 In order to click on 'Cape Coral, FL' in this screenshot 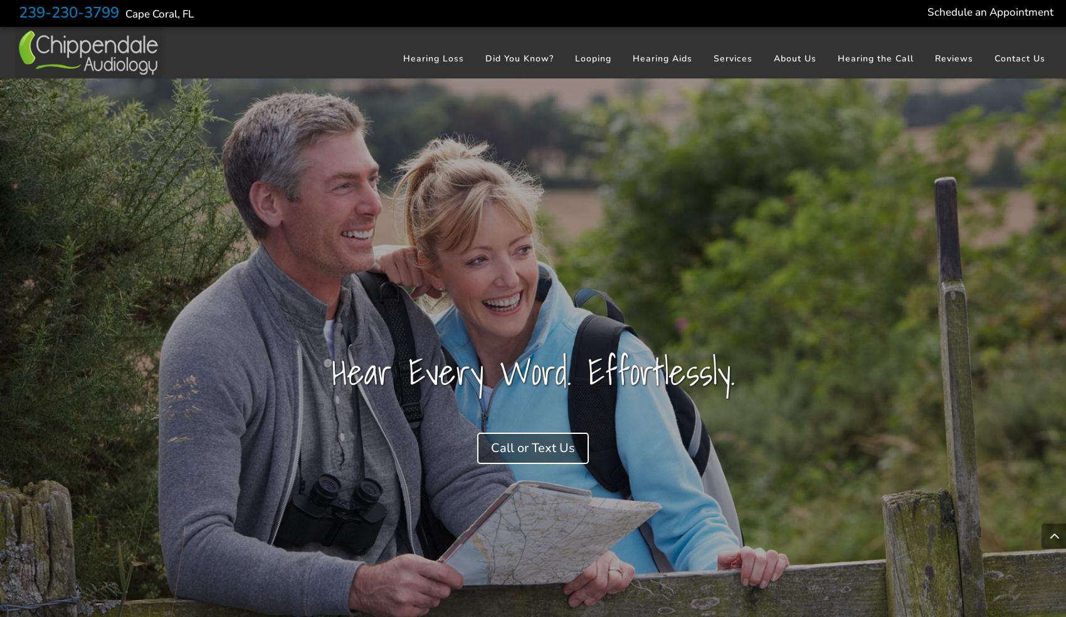, I will do `click(159, 13)`.